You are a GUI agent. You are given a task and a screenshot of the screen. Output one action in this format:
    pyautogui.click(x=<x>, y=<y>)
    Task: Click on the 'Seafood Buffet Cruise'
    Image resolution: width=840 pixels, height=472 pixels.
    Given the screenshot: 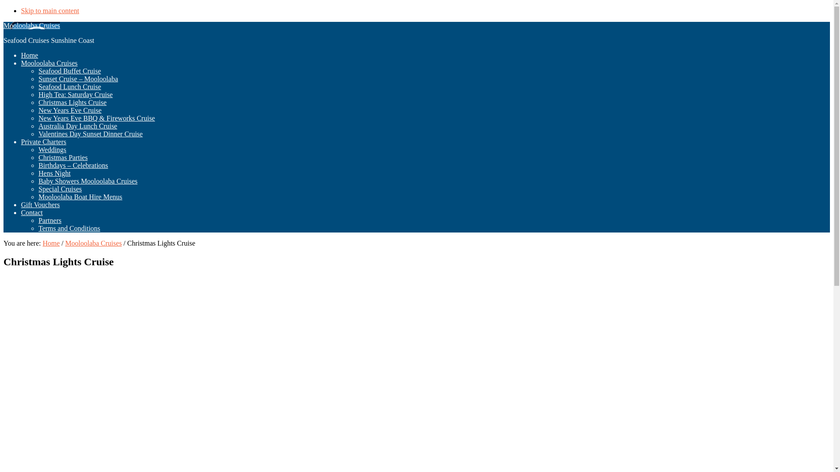 What is the action you would take?
    pyautogui.click(x=69, y=70)
    